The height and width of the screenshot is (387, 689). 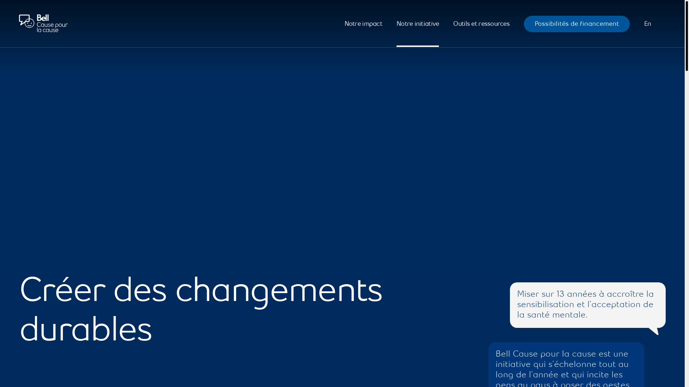 What do you see at coordinates (43, 23) in the screenshot?
I see `'Bell cause pour la causeLogo de Bell cause pour la cause'` at bounding box center [43, 23].